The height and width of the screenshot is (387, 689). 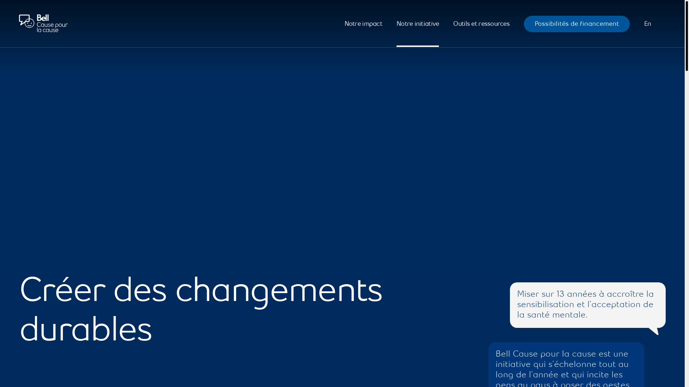 What do you see at coordinates (43, 23) in the screenshot?
I see `'Bell cause pour la causeLogo de Bell cause pour la cause'` at bounding box center [43, 23].